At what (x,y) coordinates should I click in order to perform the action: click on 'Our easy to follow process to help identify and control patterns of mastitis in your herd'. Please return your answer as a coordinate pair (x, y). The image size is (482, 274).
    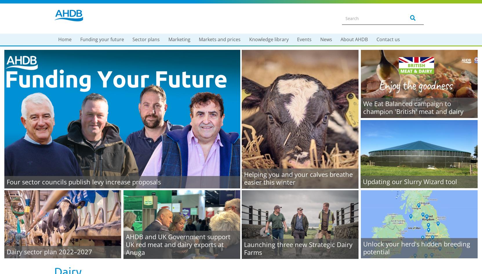
    Looking at the image, I should click on (287, 82).